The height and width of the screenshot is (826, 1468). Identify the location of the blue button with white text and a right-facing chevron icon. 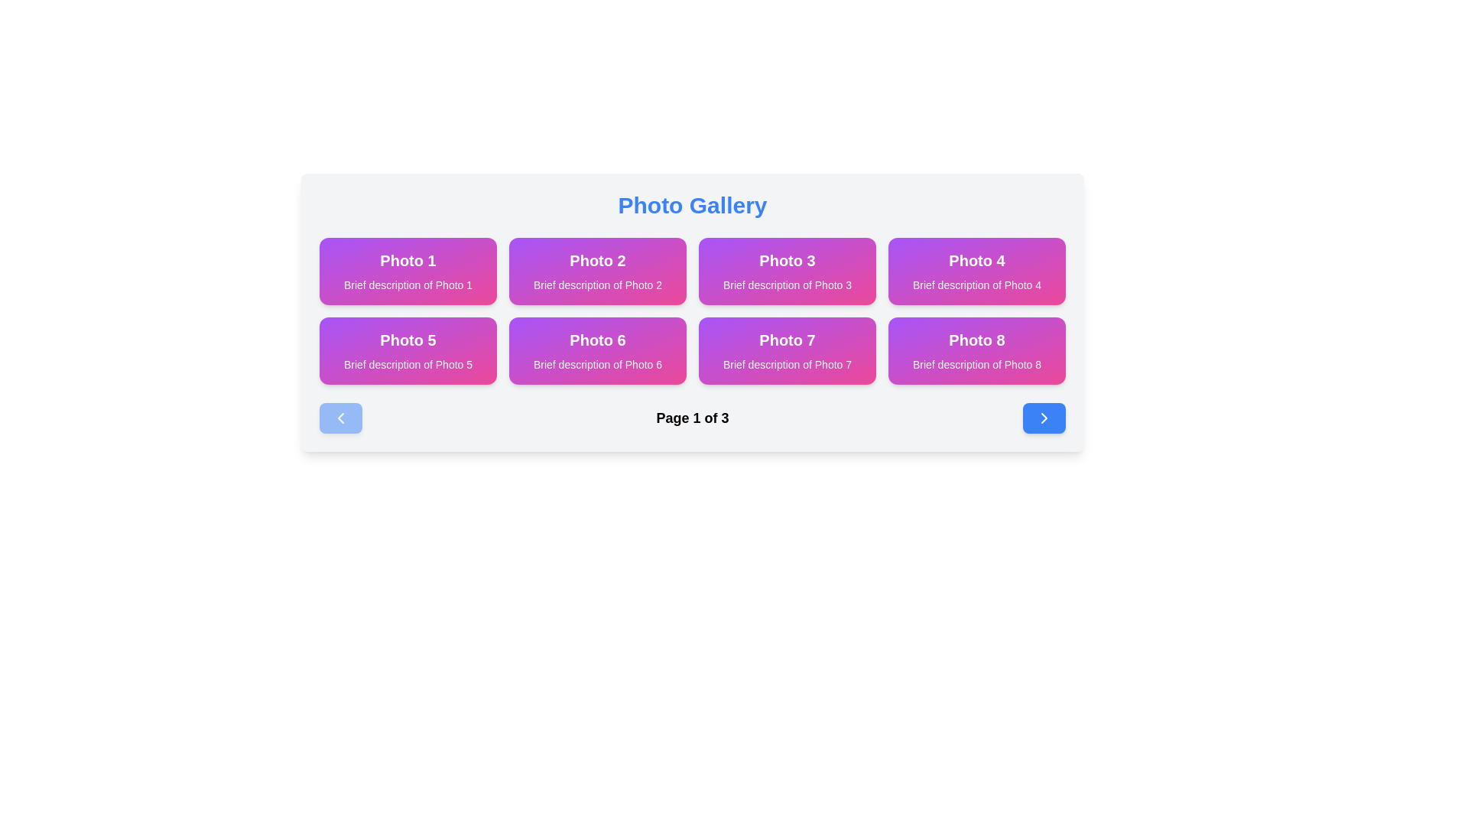
(1044, 418).